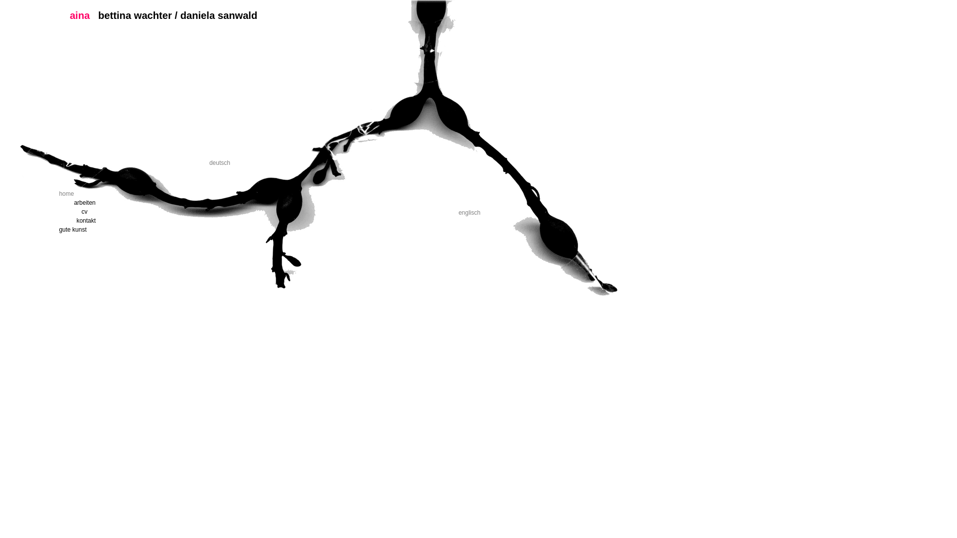 The width and height of the screenshot is (957, 538). I want to click on 'englisch', so click(469, 212).